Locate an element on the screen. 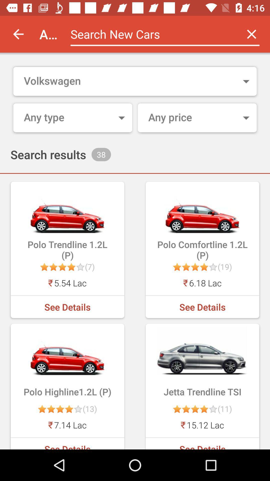  search phrase is located at coordinates (151, 34).